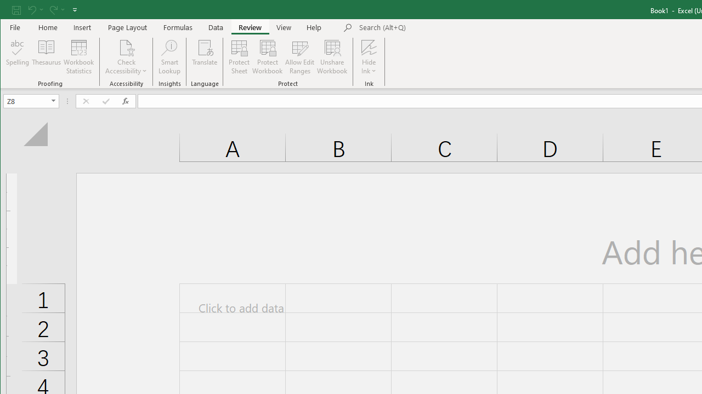 Image resolution: width=702 pixels, height=394 pixels. I want to click on 'Spelling...', so click(18, 57).